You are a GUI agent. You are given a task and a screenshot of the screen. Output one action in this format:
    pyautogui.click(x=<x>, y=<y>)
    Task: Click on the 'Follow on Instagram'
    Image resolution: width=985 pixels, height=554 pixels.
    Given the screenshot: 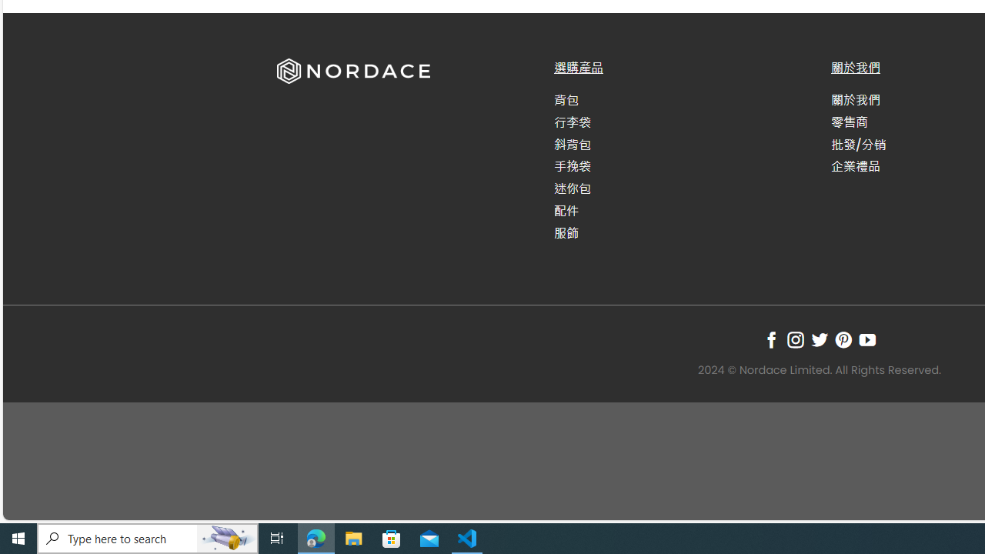 What is the action you would take?
    pyautogui.click(x=795, y=339)
    